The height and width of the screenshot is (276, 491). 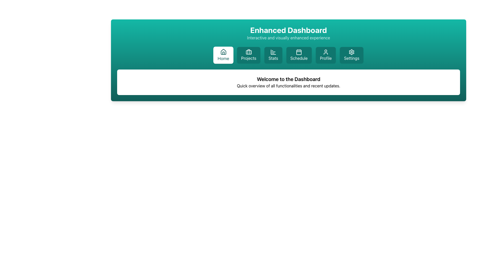 I want to click on text displayed in the 'Profile' label, which is part of the navigational button group at the top of the interface, so click(x=326, y=58).